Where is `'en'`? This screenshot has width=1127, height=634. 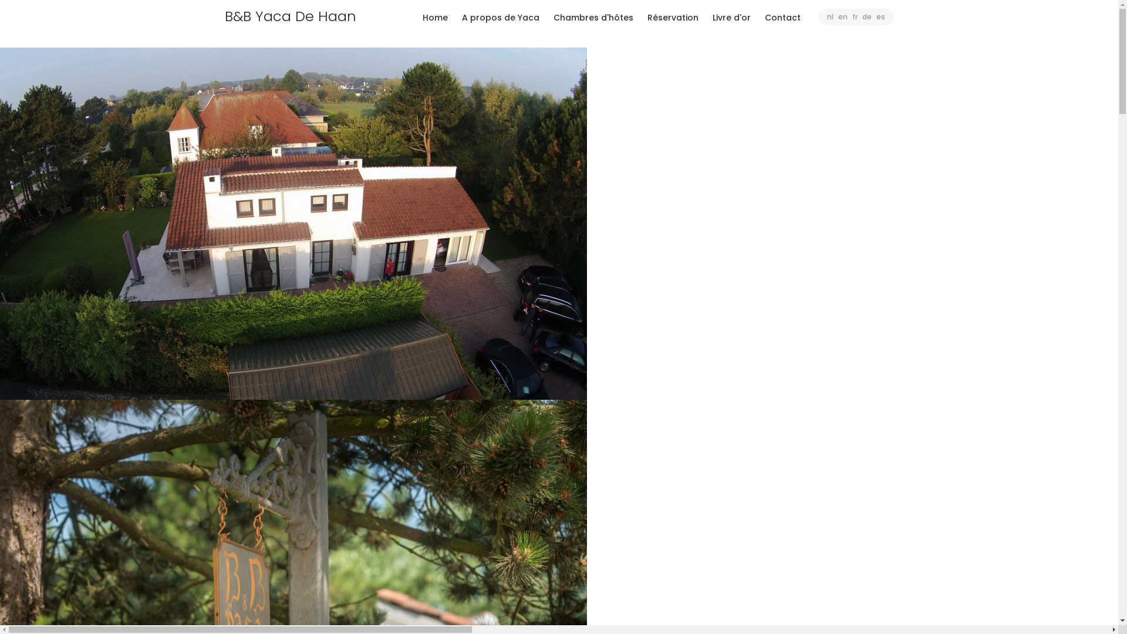
'en' is located at coordinates (842, 16).